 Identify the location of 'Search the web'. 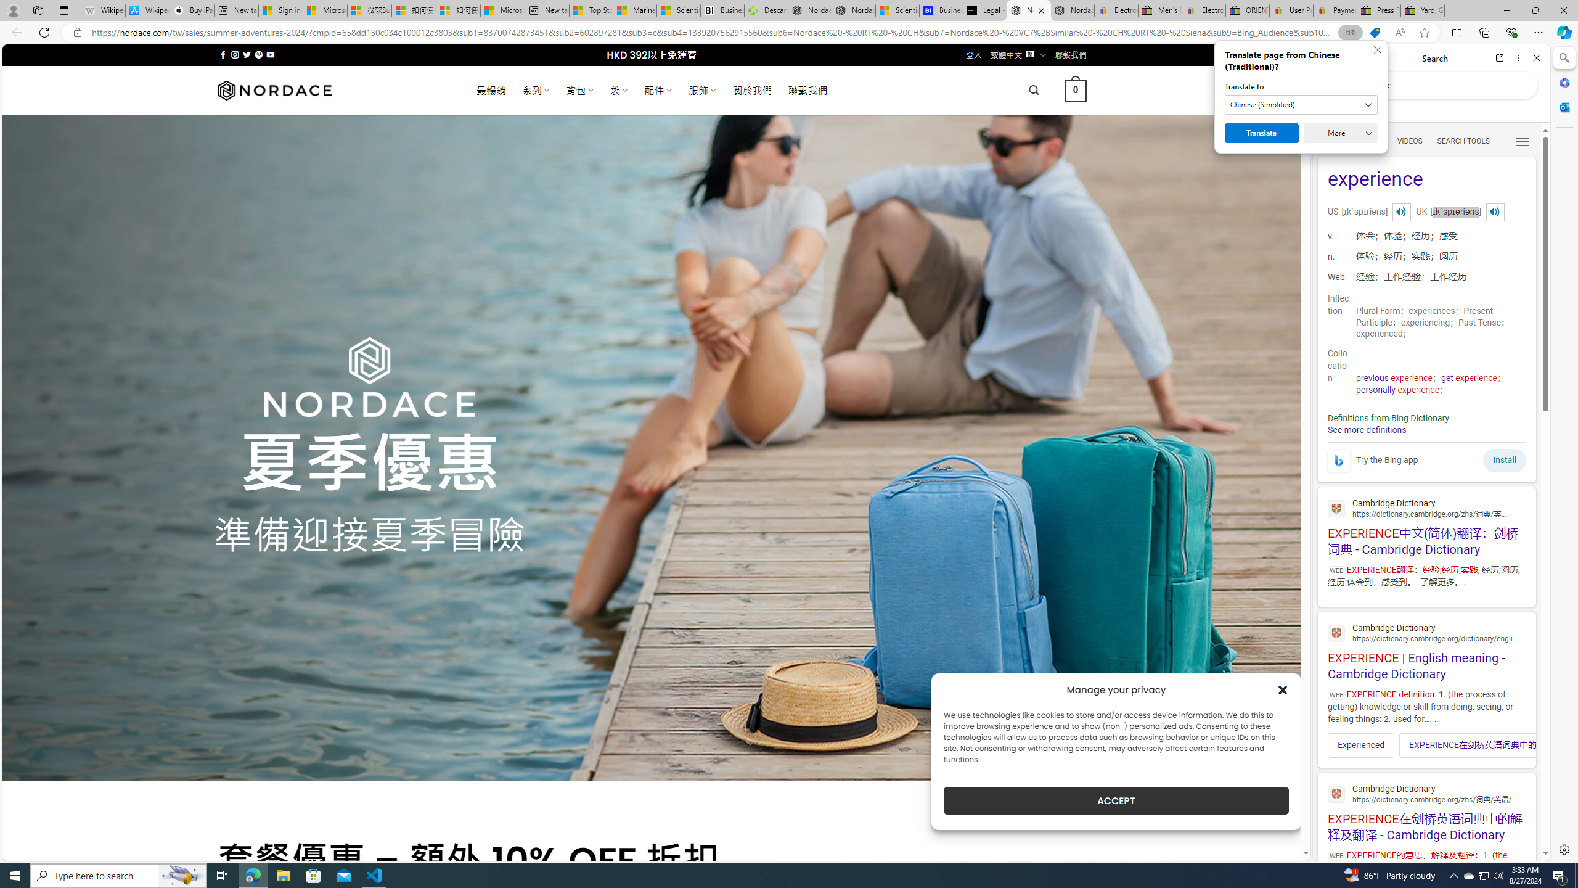
(1437, 84).